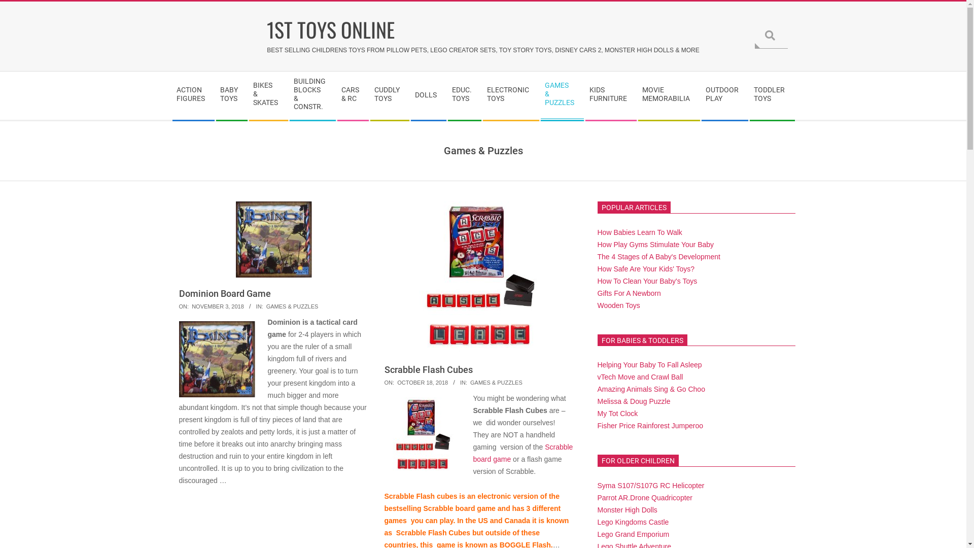  I want to click on 'The 4 Stages of A Baby's Development', so click(659, 256).